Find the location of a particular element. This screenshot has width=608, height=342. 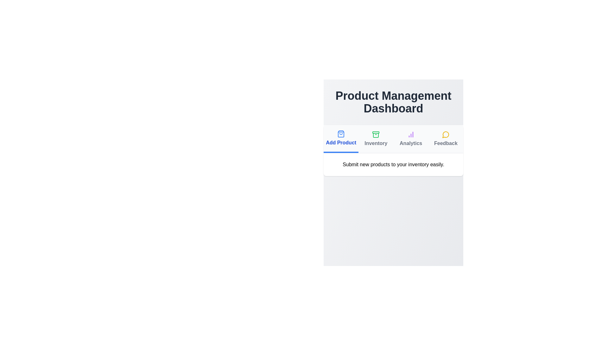

the 'Feedback' text label in the navigation menu is located at coordinates (445, 143).